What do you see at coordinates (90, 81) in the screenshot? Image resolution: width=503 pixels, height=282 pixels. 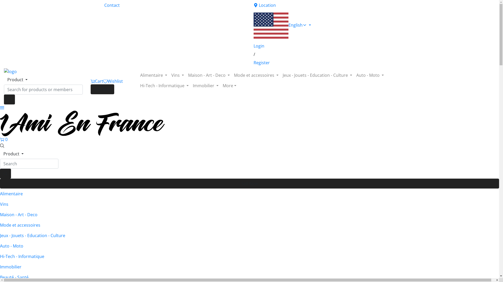 I see `'Cart'` at bounding box center [90, 81].